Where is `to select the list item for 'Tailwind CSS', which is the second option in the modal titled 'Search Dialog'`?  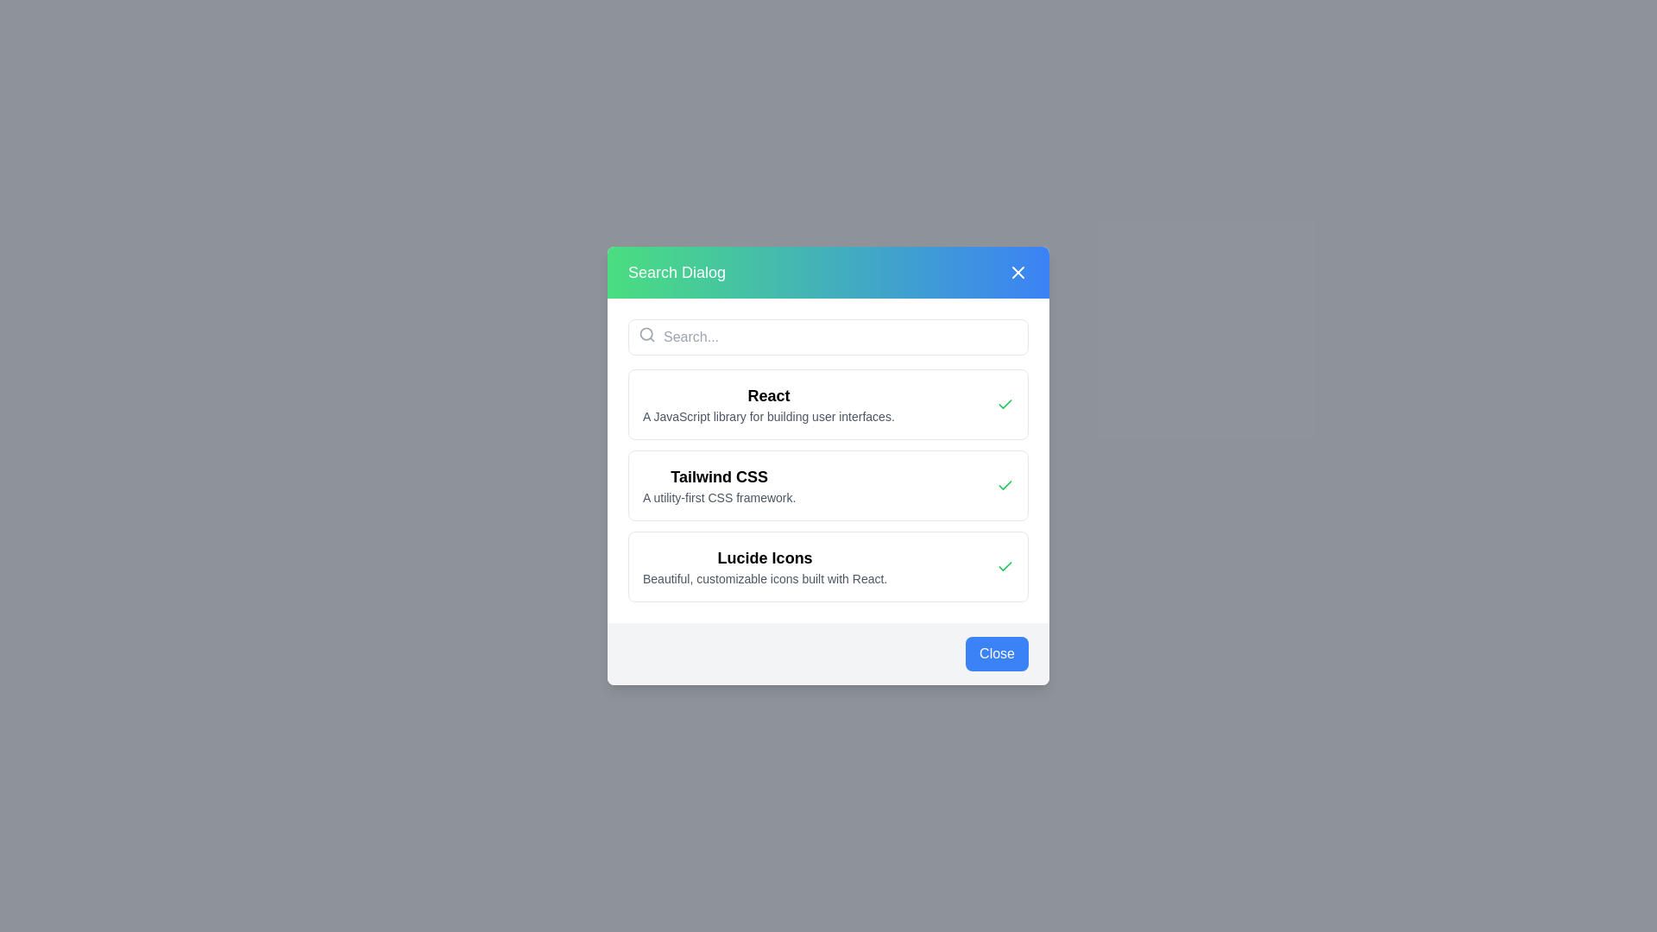
to select the list item for 'Tailwind CSS', which is the second option in the modal titled 'Search Dialog' is located at coordinates (828, 486).